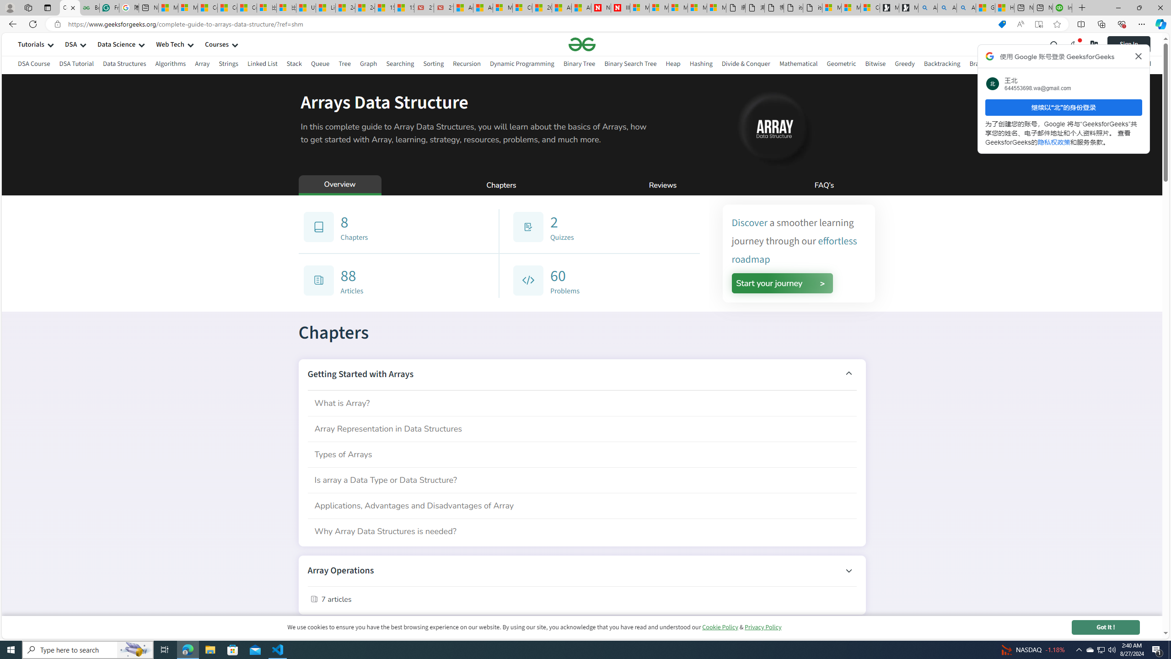  What do you see at coordinates (76, 65) in the screenshot?
I see `'DSA Tutorial'` at bounding box center [76, 65].